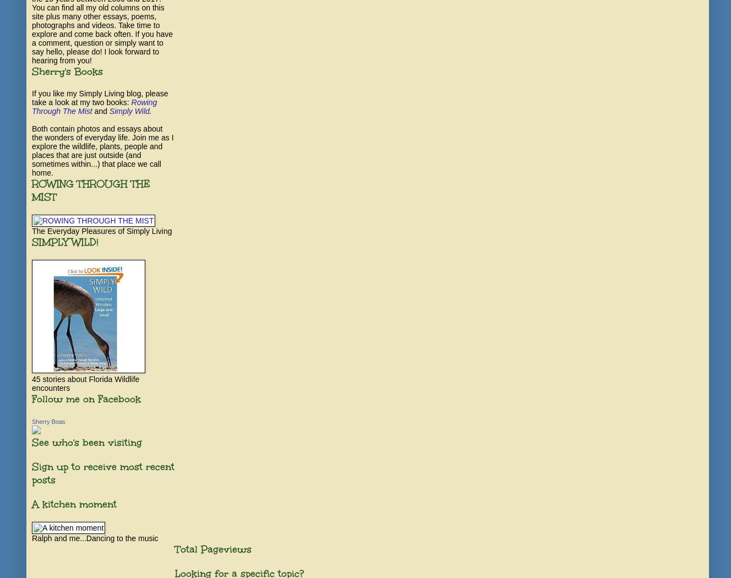 This screenshot has height=578, width=731. What do you see at coordinates (86, 441) in the screenshot?
I see `'See who's been visiting'` at bounding box center [86, 441].